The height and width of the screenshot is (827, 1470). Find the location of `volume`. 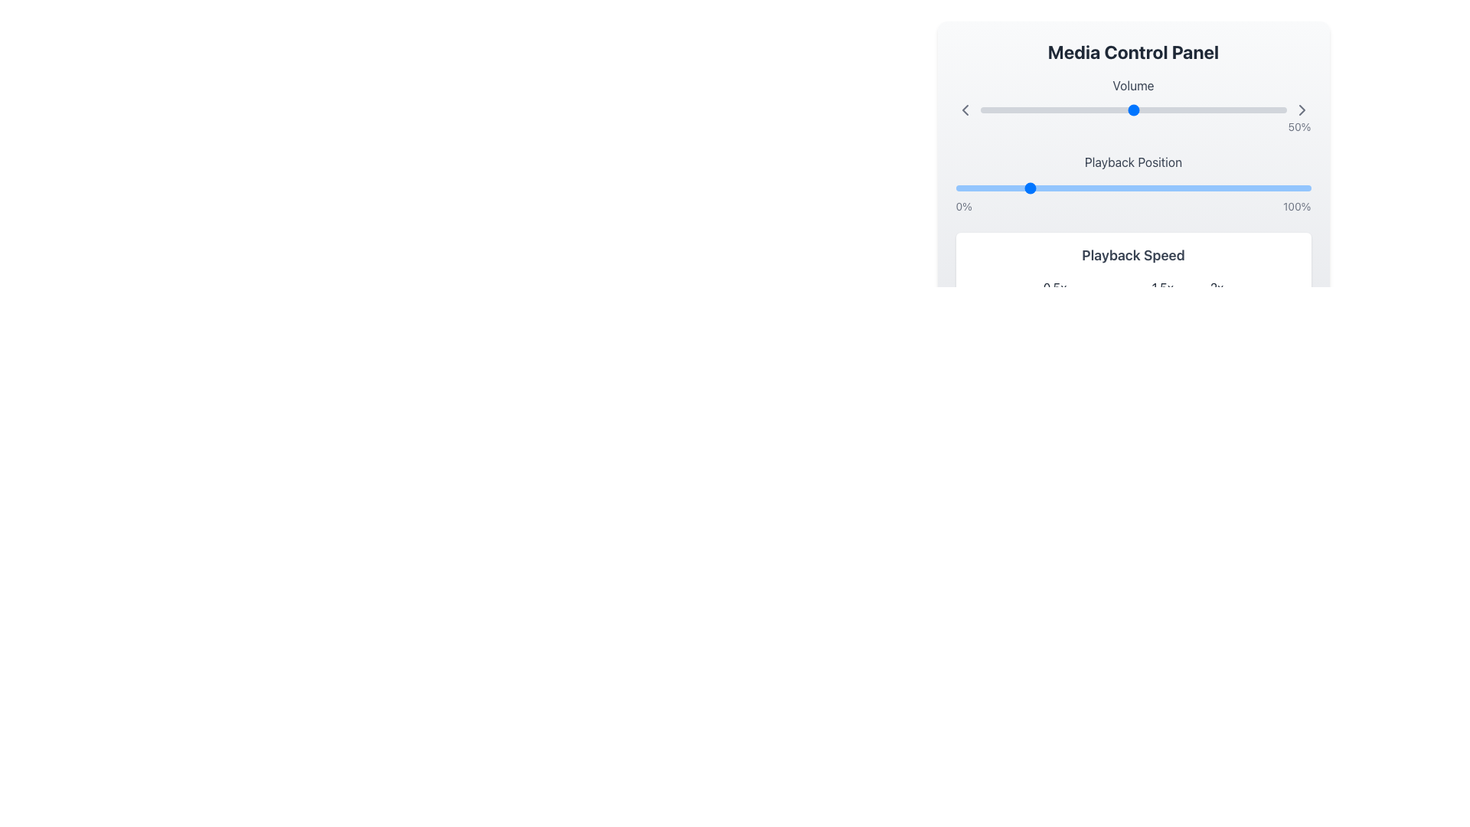

volume is located at coordinates (1200, 109).